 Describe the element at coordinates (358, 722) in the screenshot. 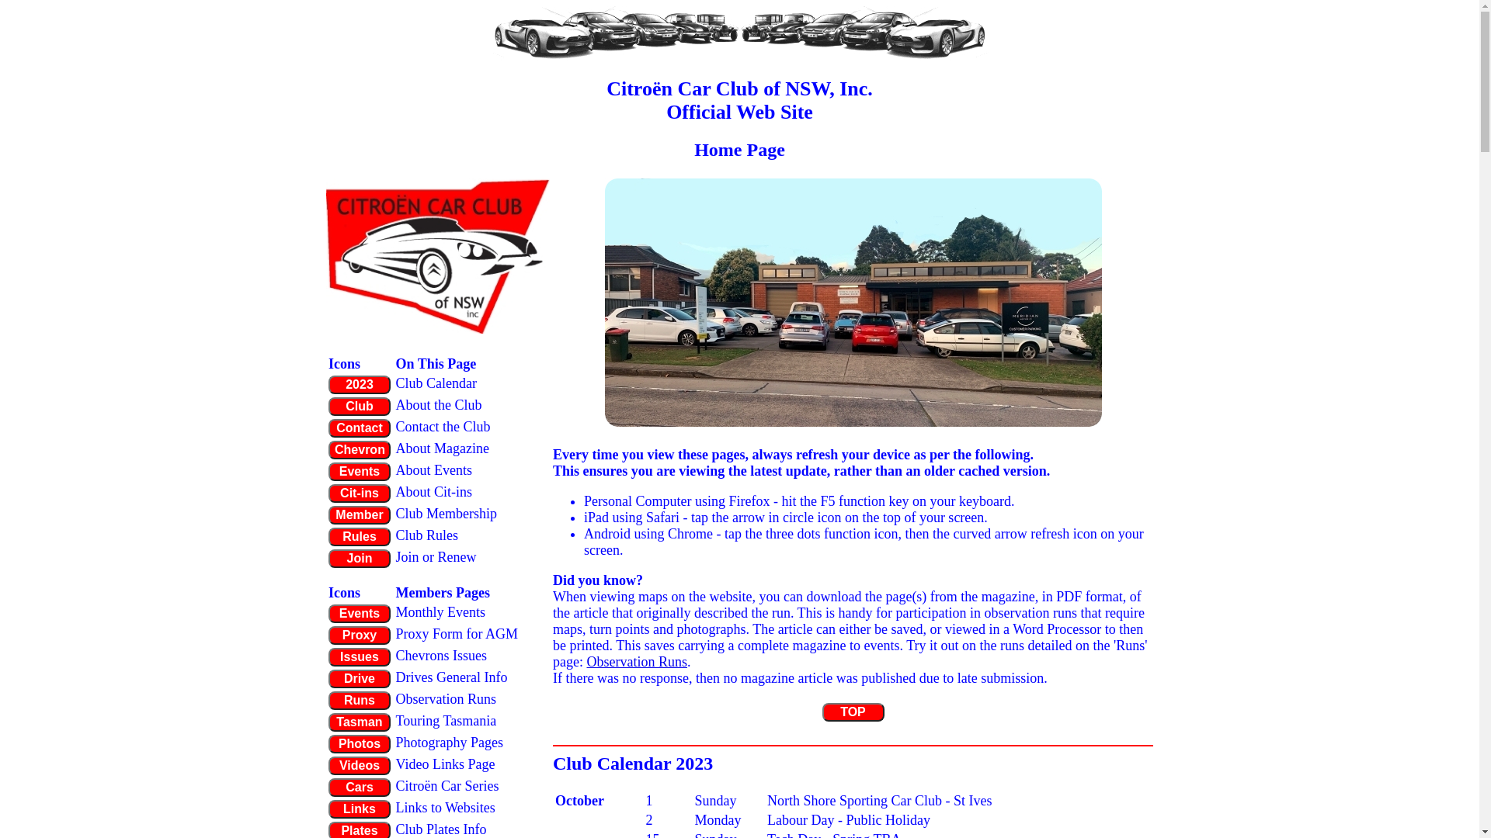

I see `'Tasman'` at that location.